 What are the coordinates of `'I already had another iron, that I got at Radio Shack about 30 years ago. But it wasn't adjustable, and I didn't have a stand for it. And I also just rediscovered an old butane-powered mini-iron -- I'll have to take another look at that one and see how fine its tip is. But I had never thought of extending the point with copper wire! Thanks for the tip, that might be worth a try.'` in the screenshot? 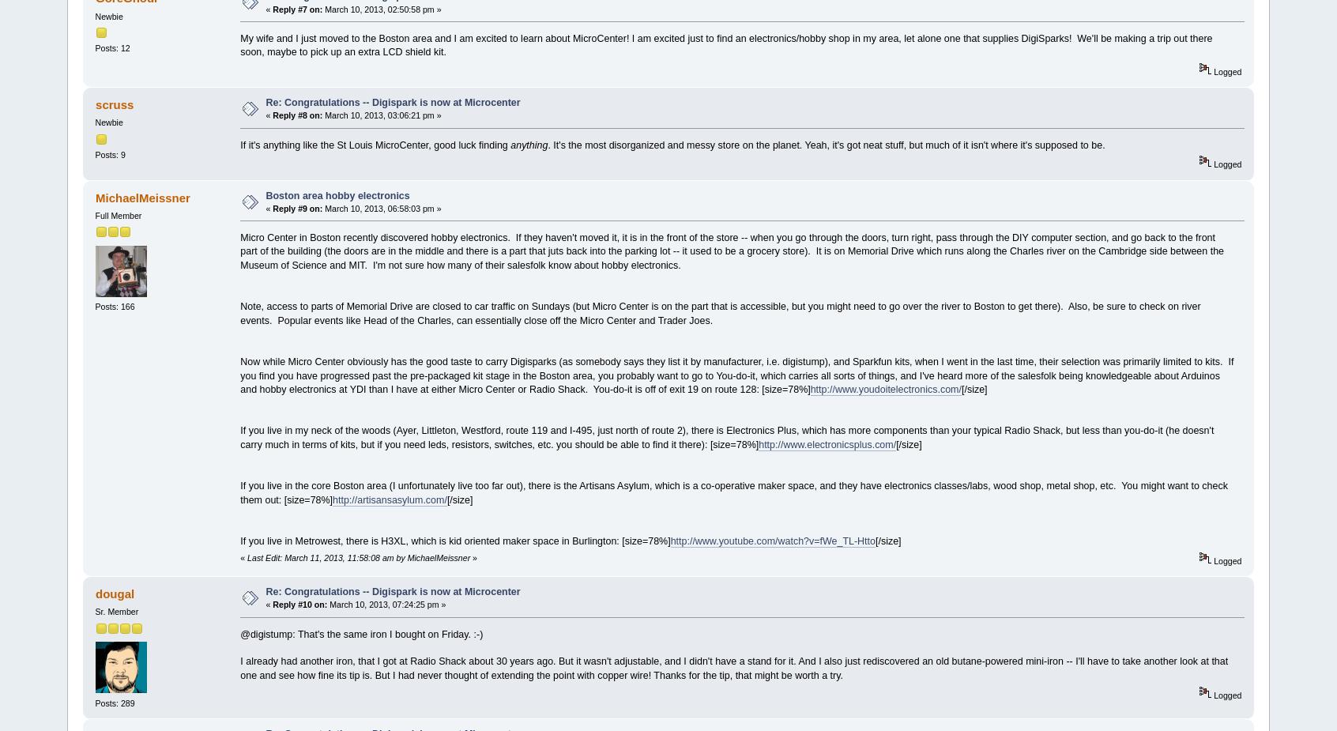 It's located at (734, 668).